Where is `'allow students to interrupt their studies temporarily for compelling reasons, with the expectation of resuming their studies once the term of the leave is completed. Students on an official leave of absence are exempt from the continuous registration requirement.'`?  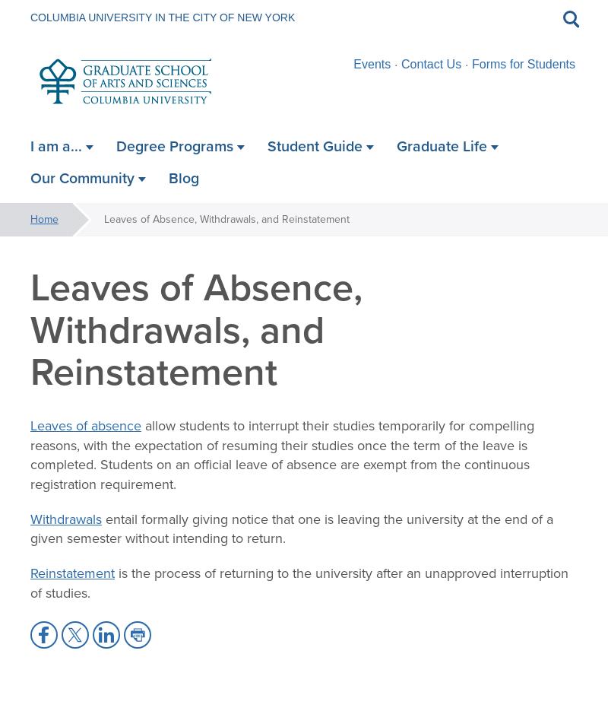 'allow students to interrupt their studies temporarily for compelling reasons, with the expectation of resuming their studies once the term of the leave is completed. Students on an official leave of absence are exempt from the continuous registration requirement.' is located at coordinates (281, 453).